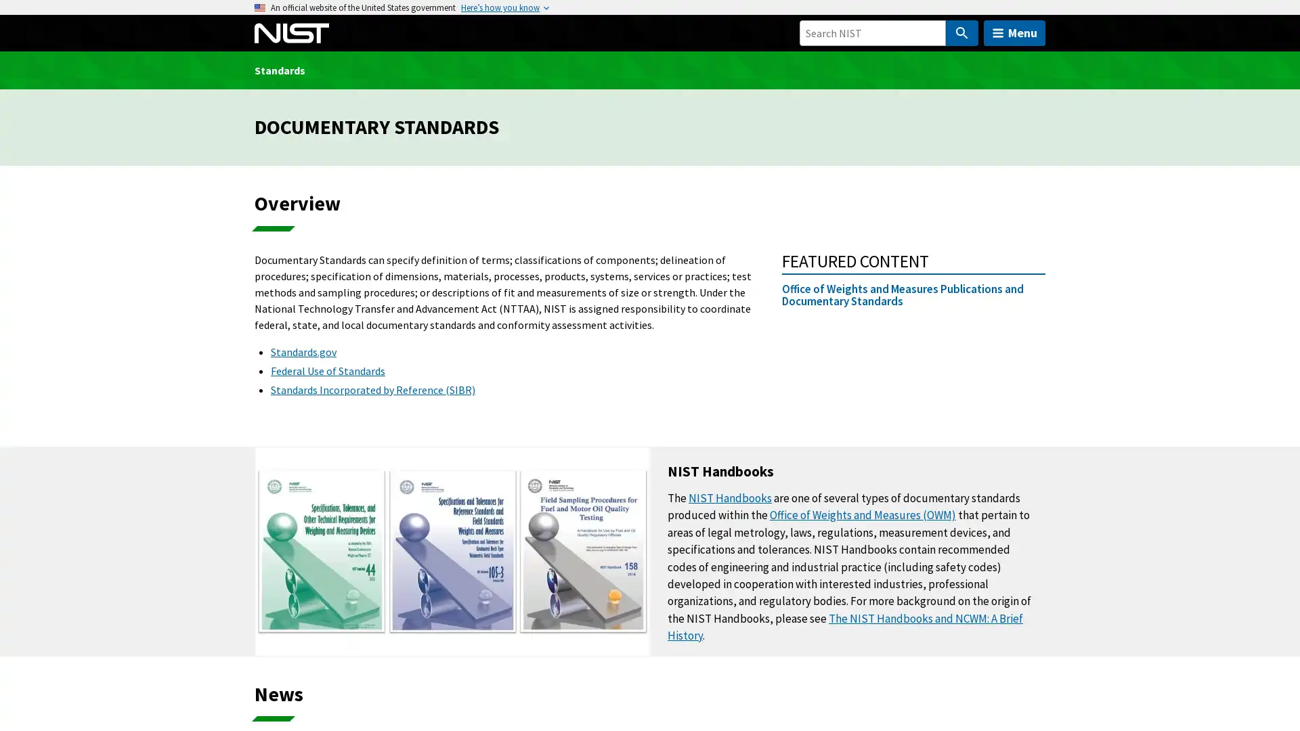 Image resolution: width=1300 pixels, height=731 pixels. What do you see at coordinates (500, 7) in the screenshot?
I see `Heres how you know` at bounding box center [500, 7].